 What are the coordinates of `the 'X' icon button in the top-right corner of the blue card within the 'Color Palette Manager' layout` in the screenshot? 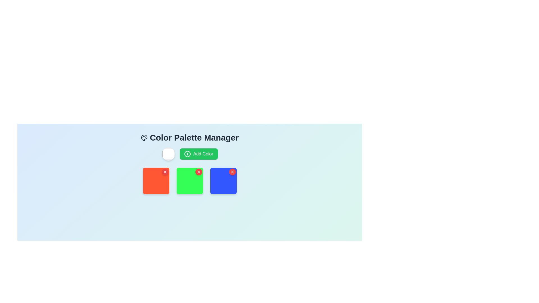 It's located at (232, 172).